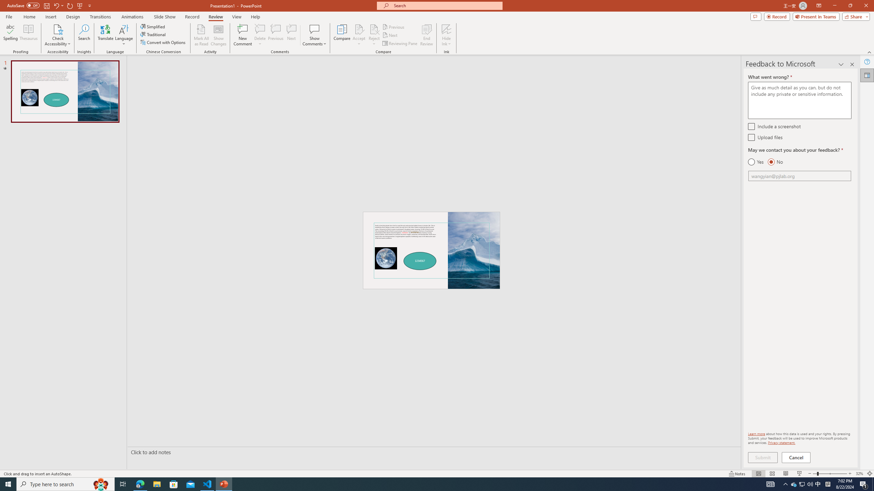 The height and width of the screenshot is (491, 874). Describe the element at coordinates (124, 35) in the screenshot. I see `'Language'` at that location.